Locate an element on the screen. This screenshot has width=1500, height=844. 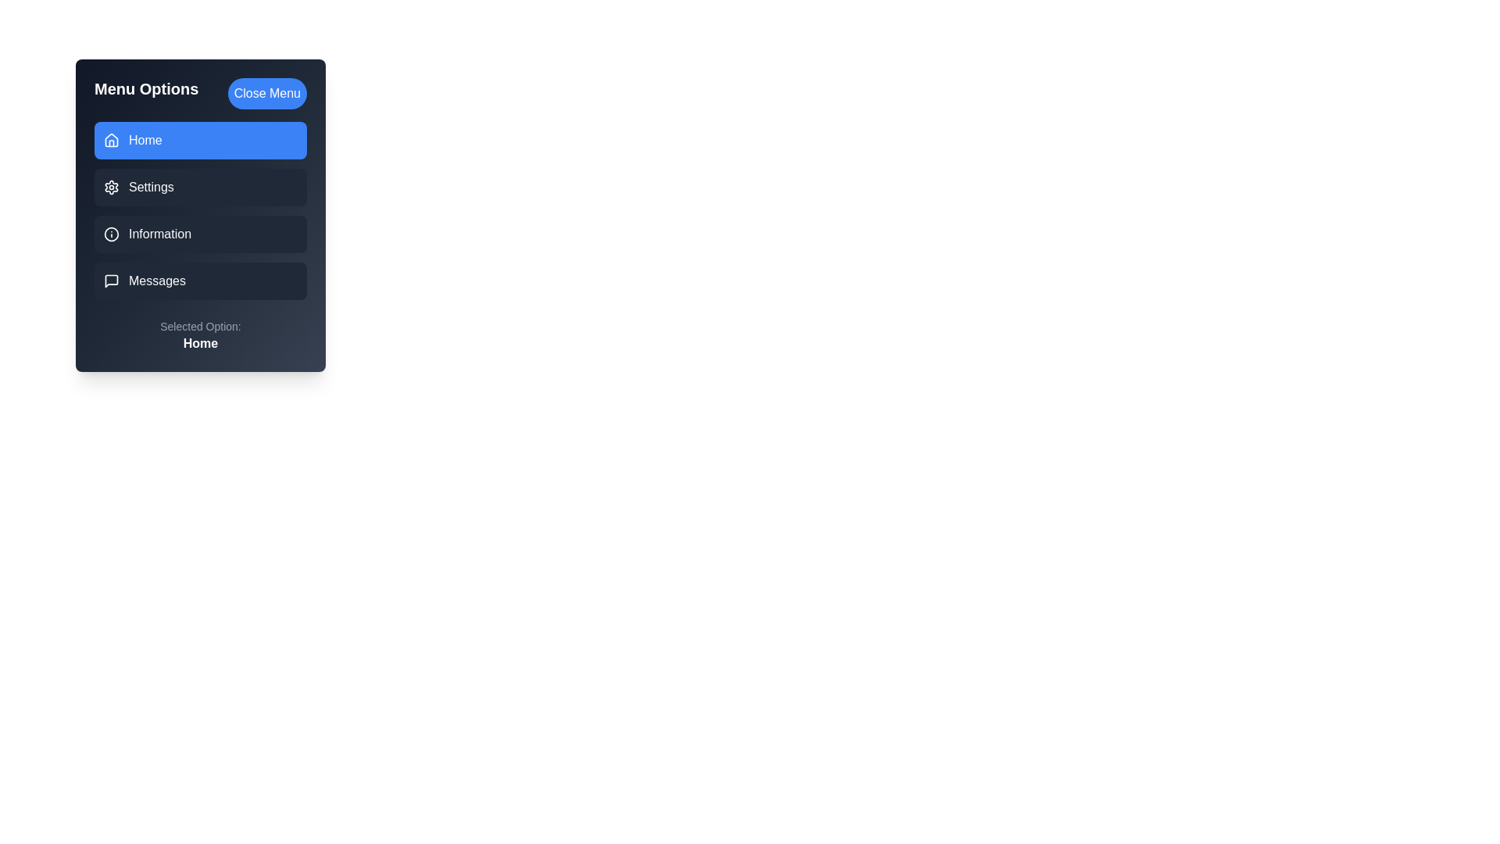
the information button located in the menu section, positioned below the 'Settings' button and above the 'Messages' button is located at coordinates (200, 234).